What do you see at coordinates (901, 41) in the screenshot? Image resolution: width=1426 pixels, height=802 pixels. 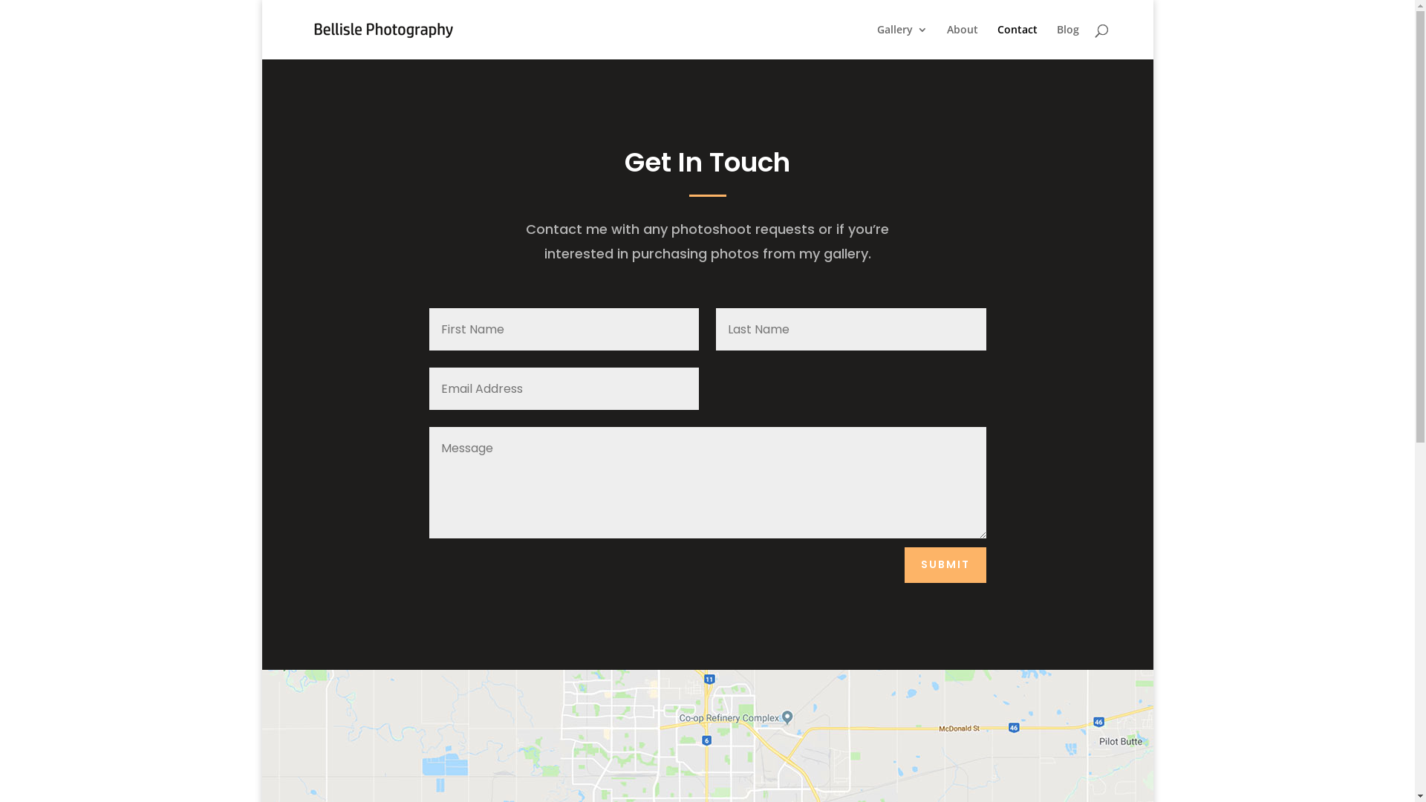 I see `'Gallery'` at bounding box center [901, 41].